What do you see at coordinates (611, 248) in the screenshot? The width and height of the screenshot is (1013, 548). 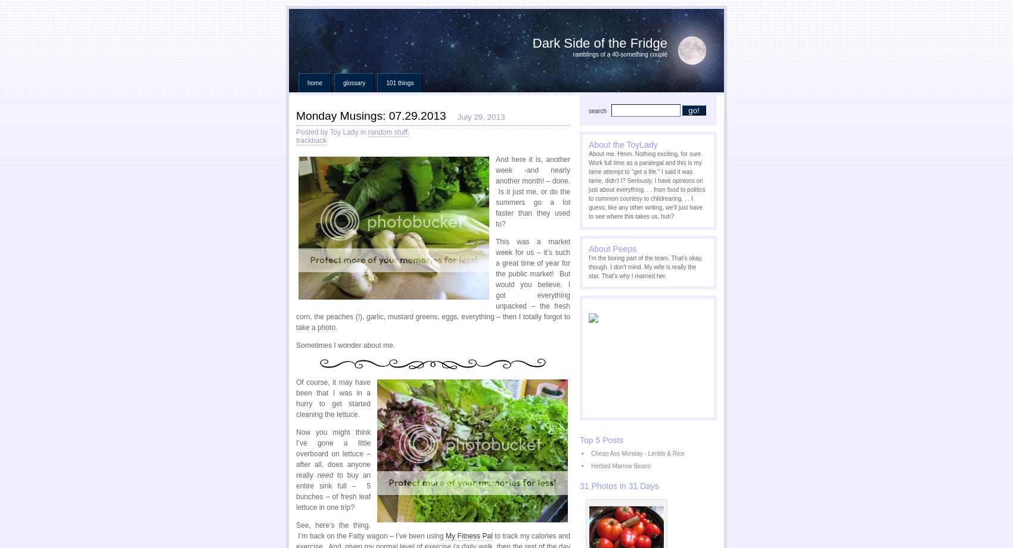 I see `'About Peeps'` at bounding box center [611, 248].